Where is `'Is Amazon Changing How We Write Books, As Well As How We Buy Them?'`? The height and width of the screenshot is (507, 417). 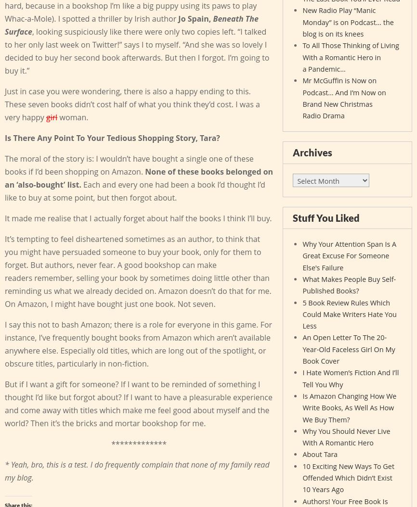 'Is Amazon Changing How We Write Books, As Well As How We Buy Them?' is located at coordinates (349, 407).